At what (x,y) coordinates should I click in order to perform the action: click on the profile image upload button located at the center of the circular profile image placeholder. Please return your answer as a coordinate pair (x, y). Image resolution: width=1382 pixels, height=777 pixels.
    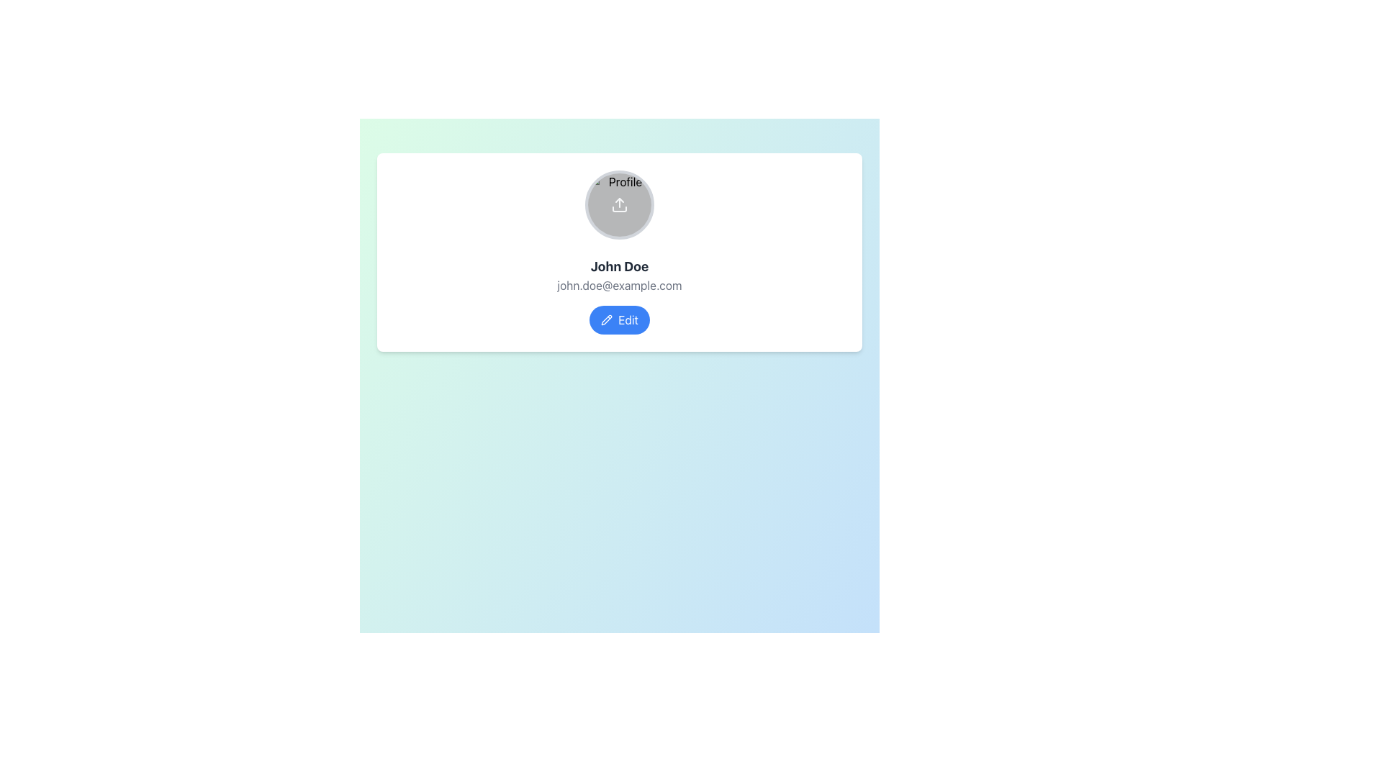
    Looking at the image, I should click on (619, 205).